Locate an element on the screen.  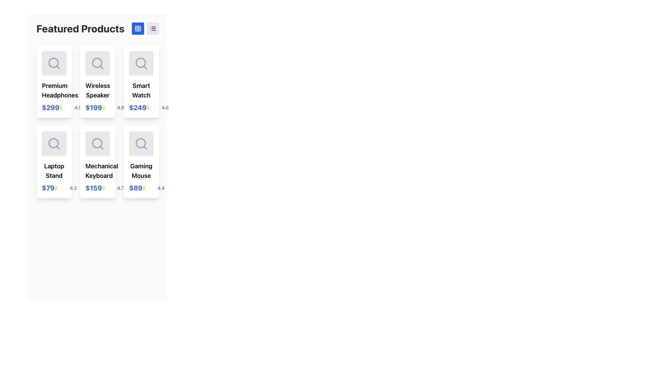
price information displayed in bold blue text ($159) along with the star icon and rating value ('4.7') in the Information display section of the 'Mechanical Keyboard' card is located at coordinates (97, 188).